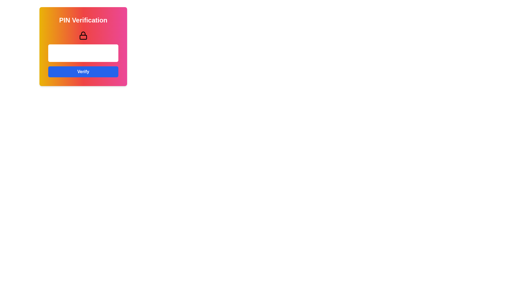  What do you see at coordinates (83, 72) in the screenshot?
I see `the 'Verify' button, which is a rectangular button with bold white text on a blue background located at the bottom of the card layout` at bounding box center [83, 72].